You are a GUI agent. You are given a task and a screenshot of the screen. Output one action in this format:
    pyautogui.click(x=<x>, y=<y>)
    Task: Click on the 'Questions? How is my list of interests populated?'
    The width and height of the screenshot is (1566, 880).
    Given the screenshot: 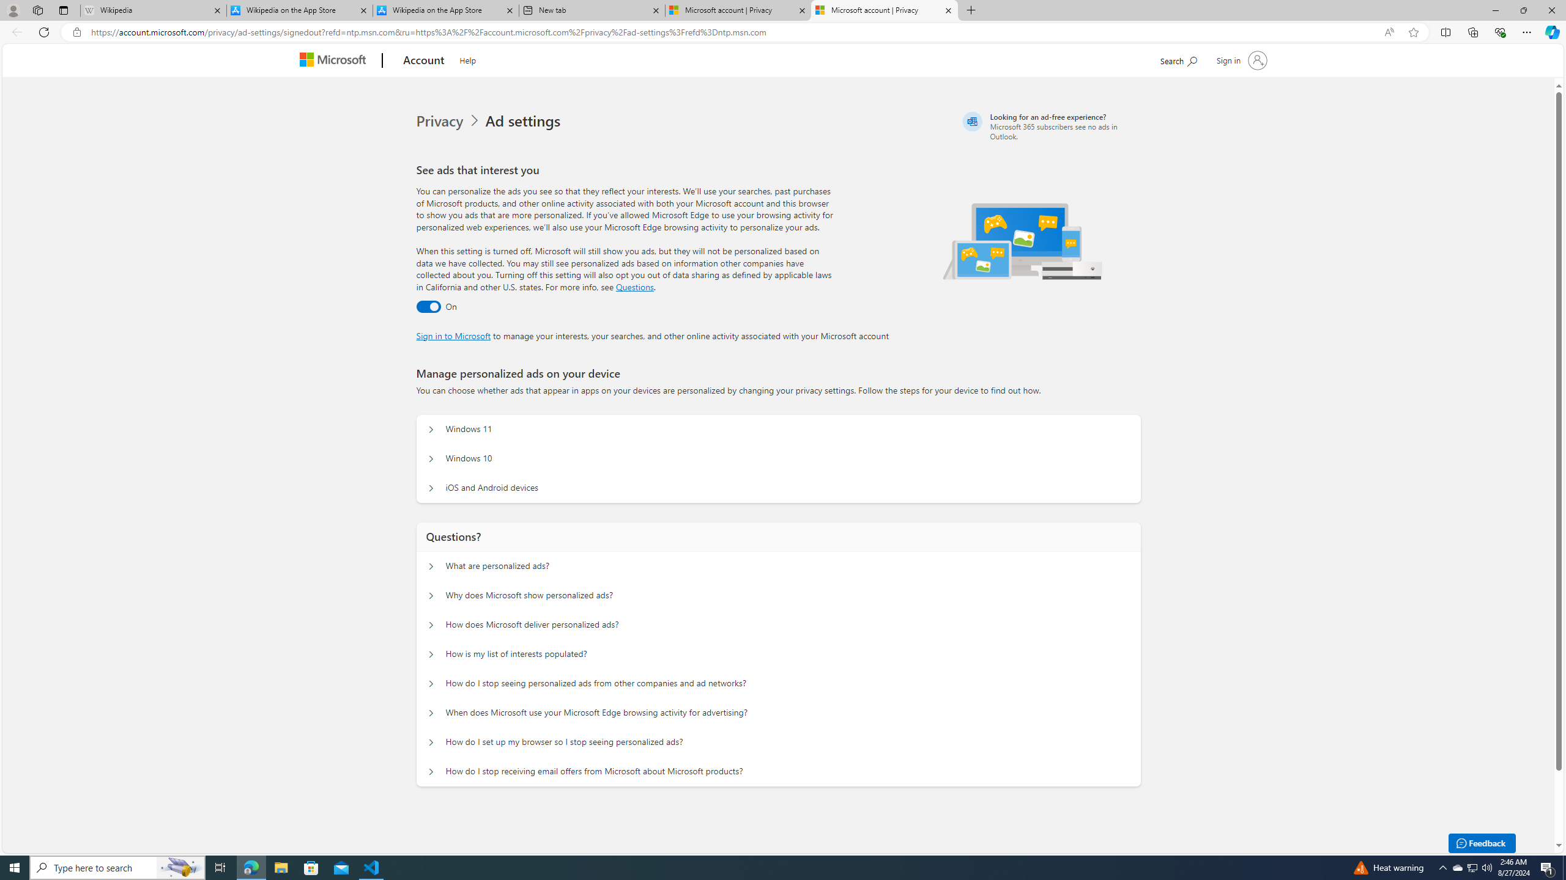 What is the action you would take?
    pyautogui.click(x=431, y=653)
    